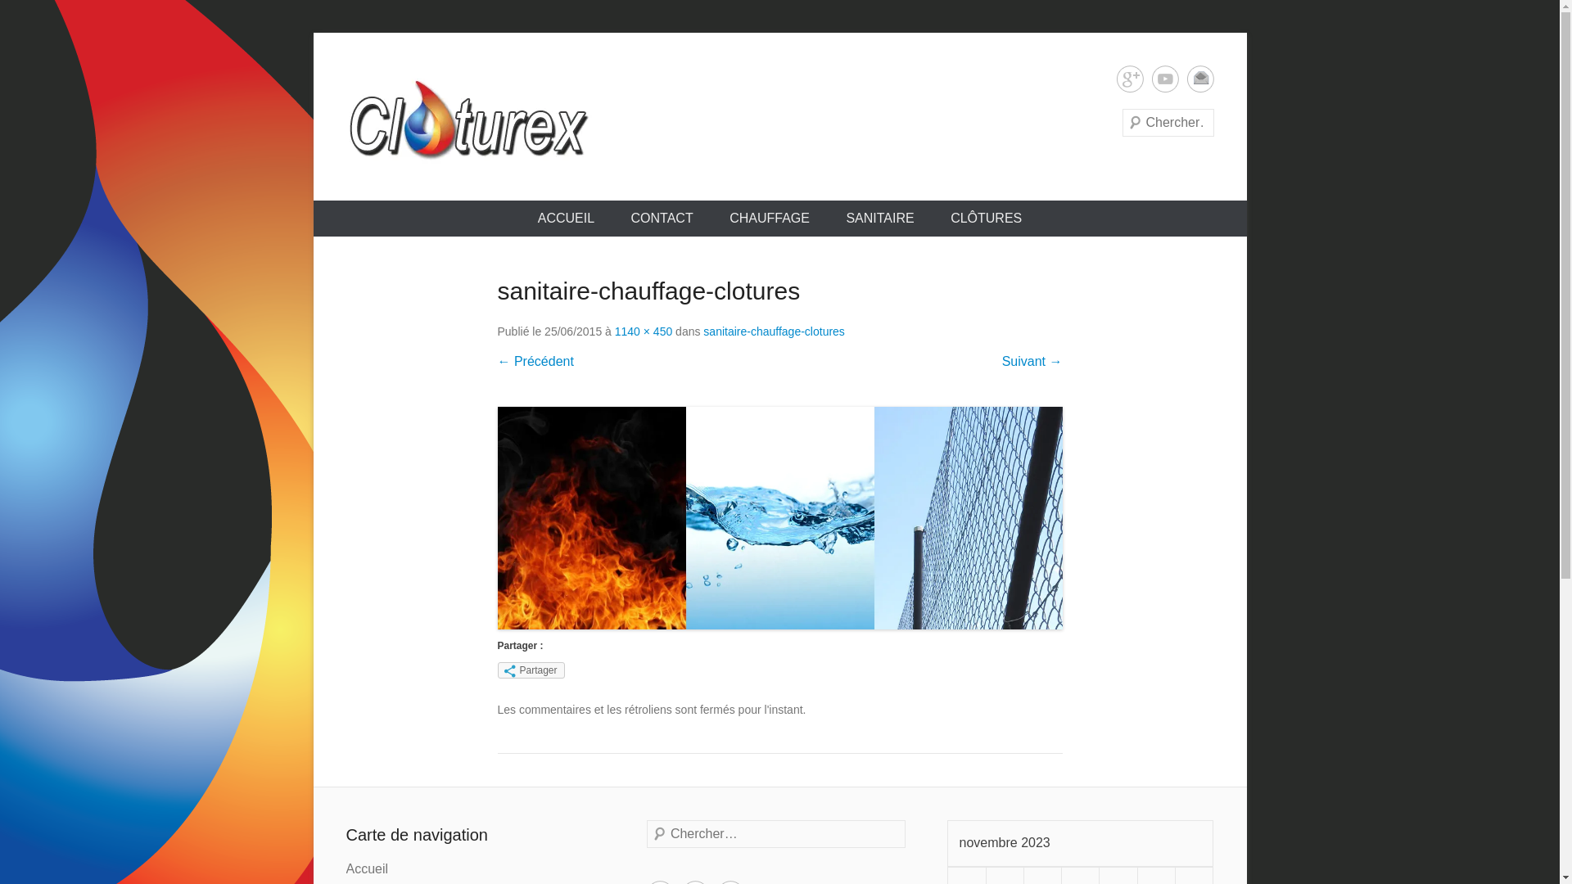 The width and height of the screenshot is (1572, 884). I want to click on 'SANITAIRE', so click(829, 217).